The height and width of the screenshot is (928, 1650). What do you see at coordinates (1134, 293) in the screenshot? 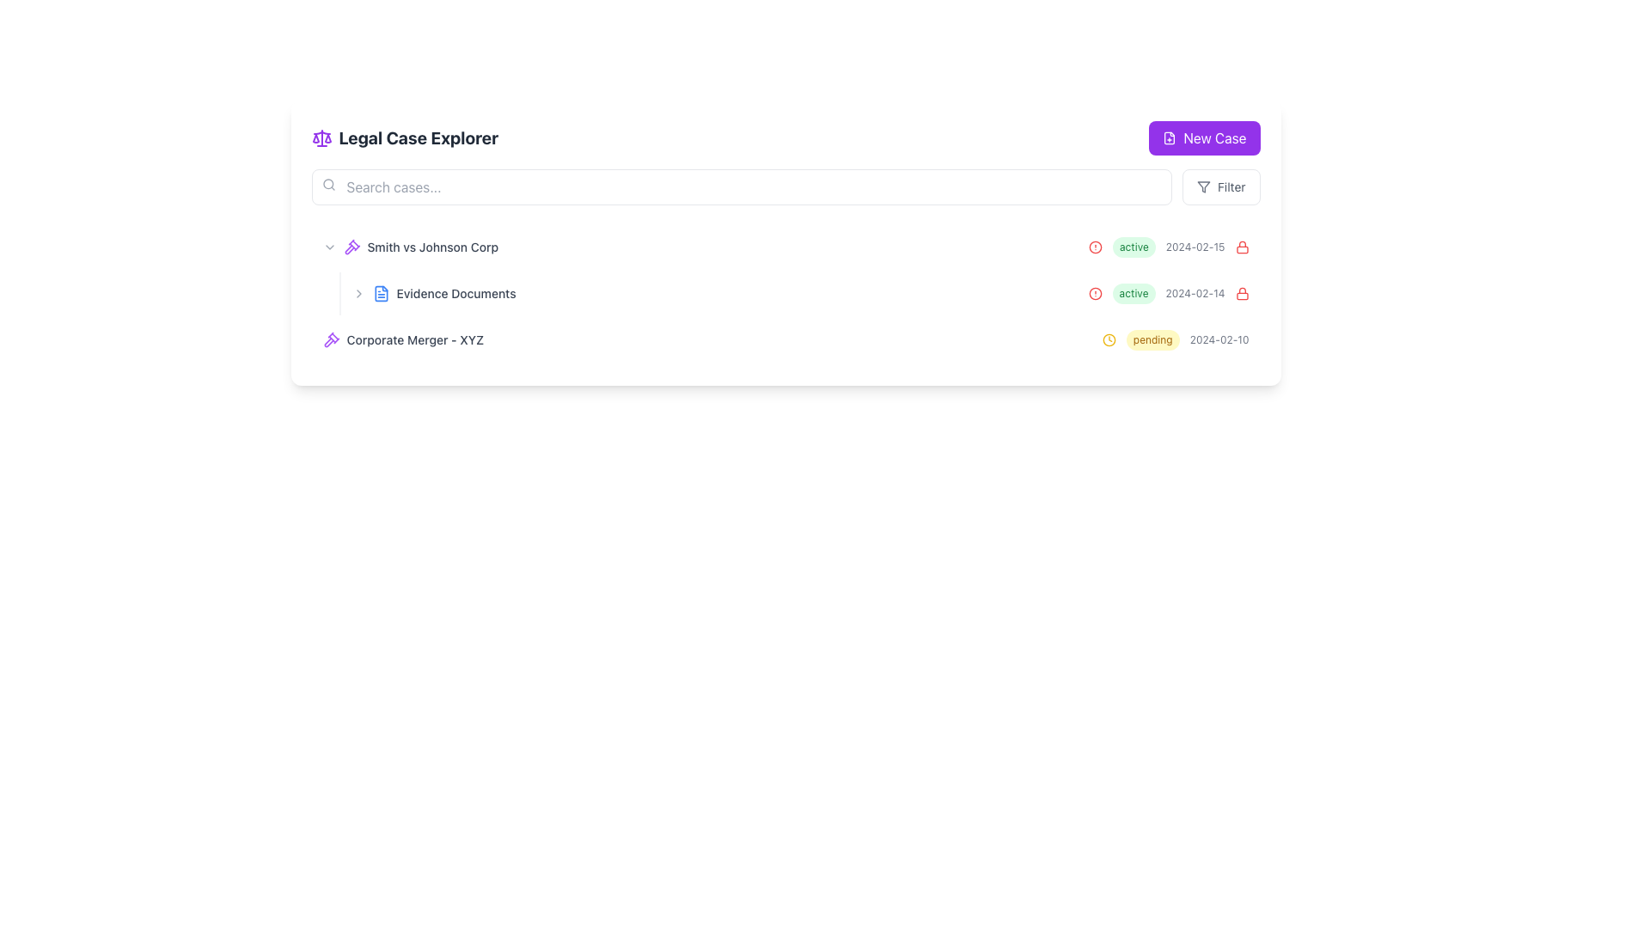
I see `the Status Indicator badge with the text 'active', which has a pale green background and is located in the second row of the status list, between an icon and the date '2024-02-14'` at bounding box center [1134, 293].